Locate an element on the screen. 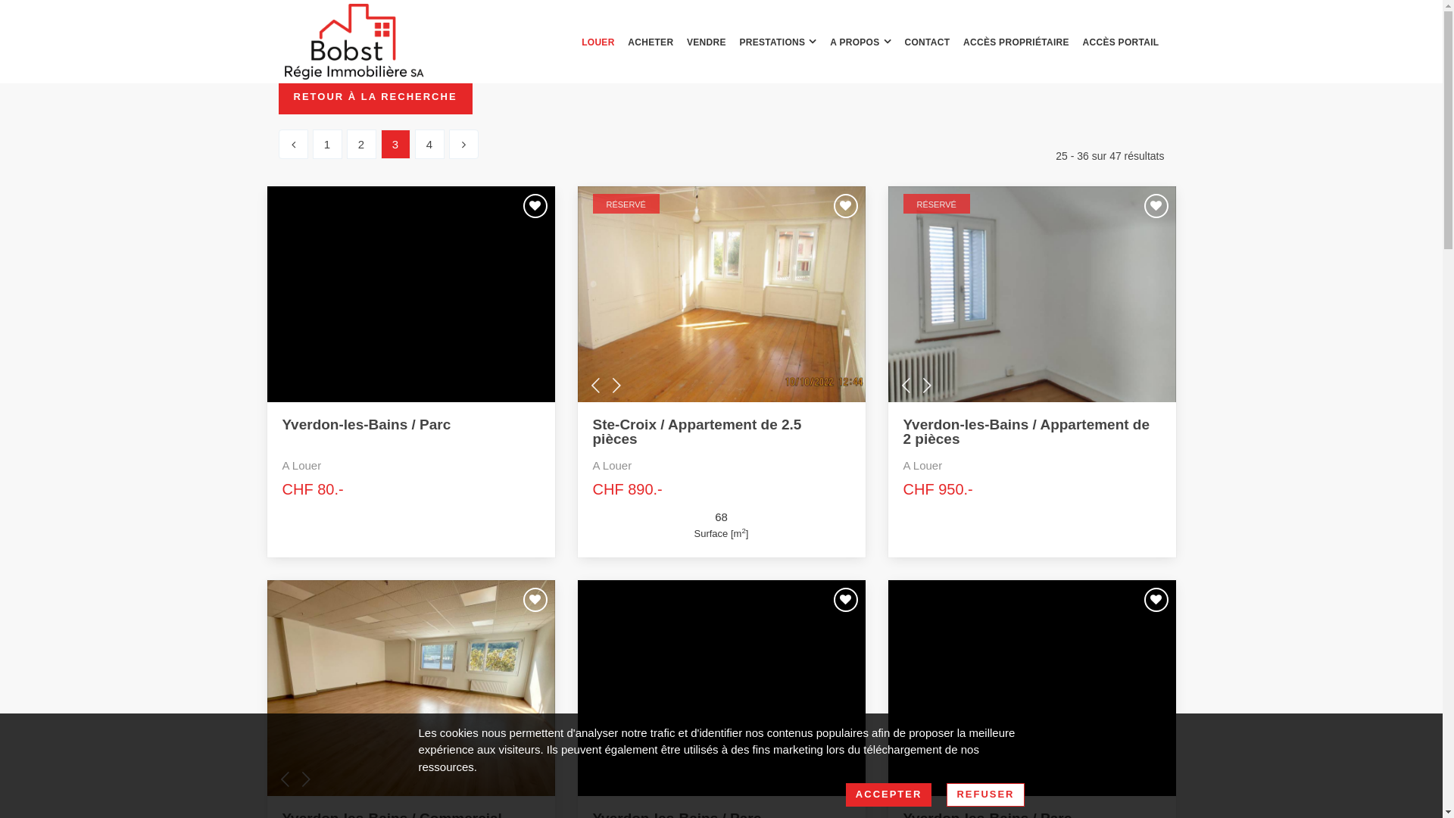 This screenshot has height=818, width=1454. 'A PROPOS' is located at coordinates (860, 42).